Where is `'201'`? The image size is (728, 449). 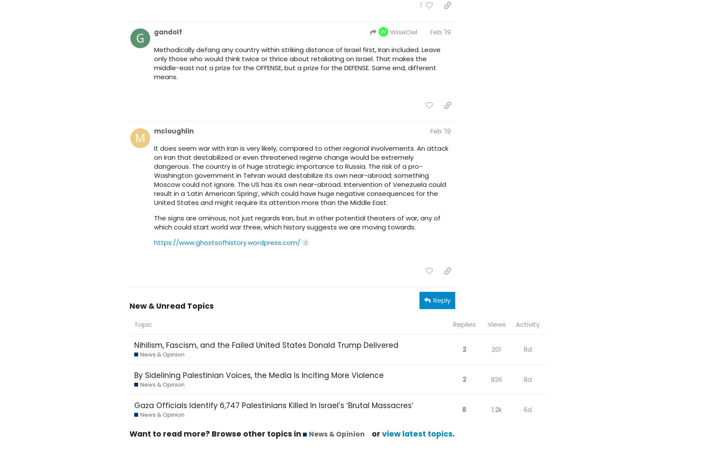
'201' is located at coordinates (496, 349).